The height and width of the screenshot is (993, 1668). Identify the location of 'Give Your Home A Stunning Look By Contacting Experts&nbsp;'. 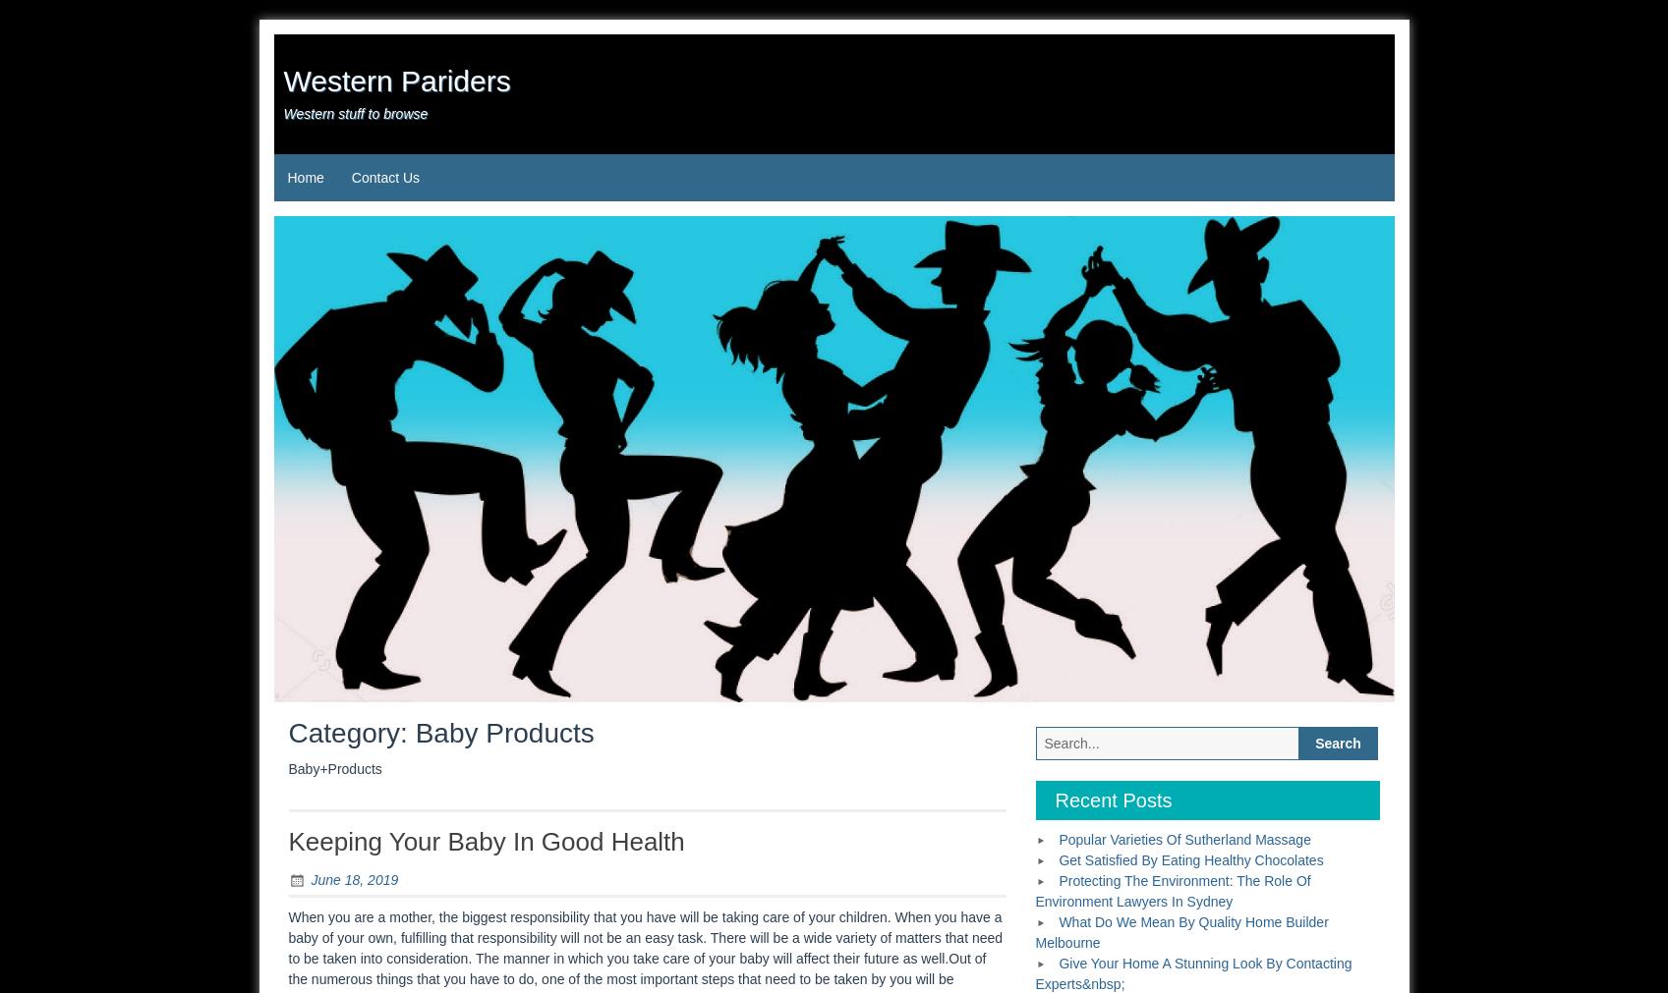
(1192, 972).